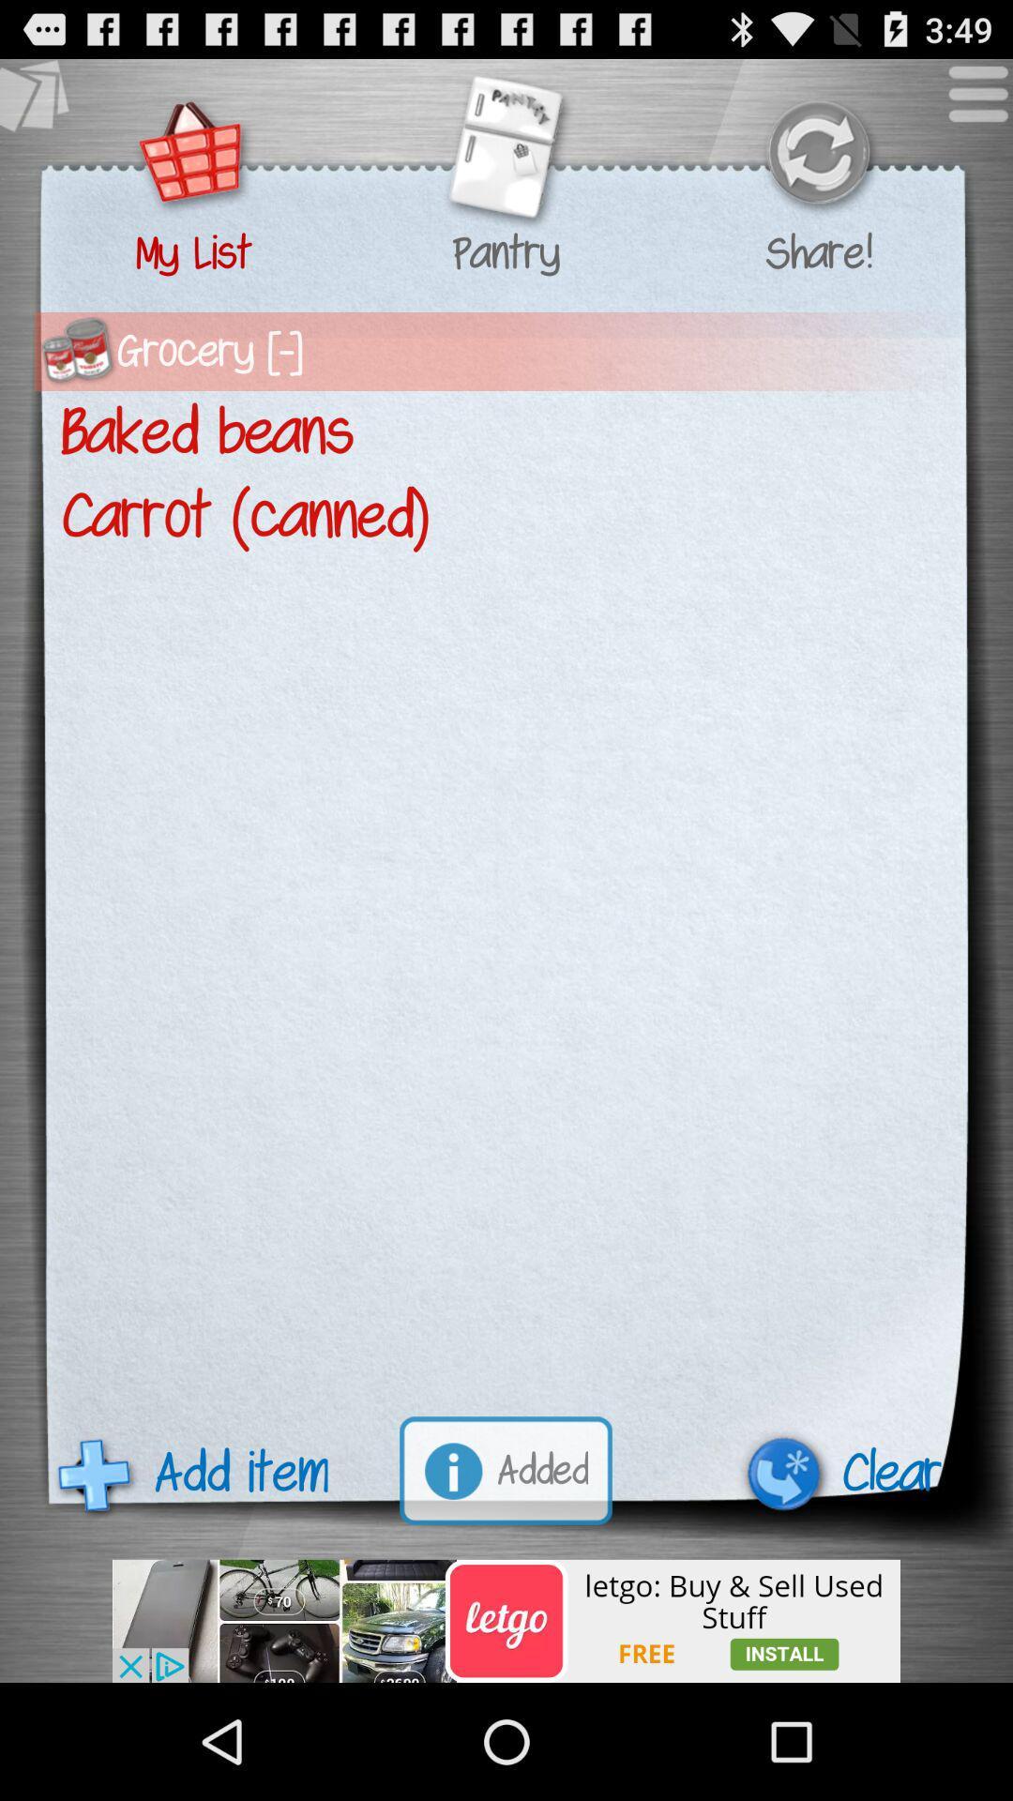 This screenshot has height=1801, width=1013. Describe the element at coordinates (968, 102) in the screenshot. I see `menu option` at that location.